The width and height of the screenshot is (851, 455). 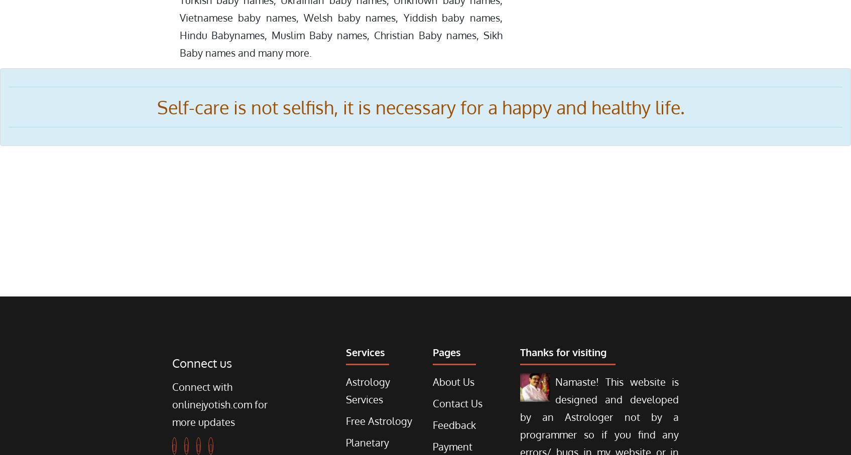 I want to click on 'Self-care is not selfish, it is necessary for a happy and healthy life.', so click(x=425, y=106).